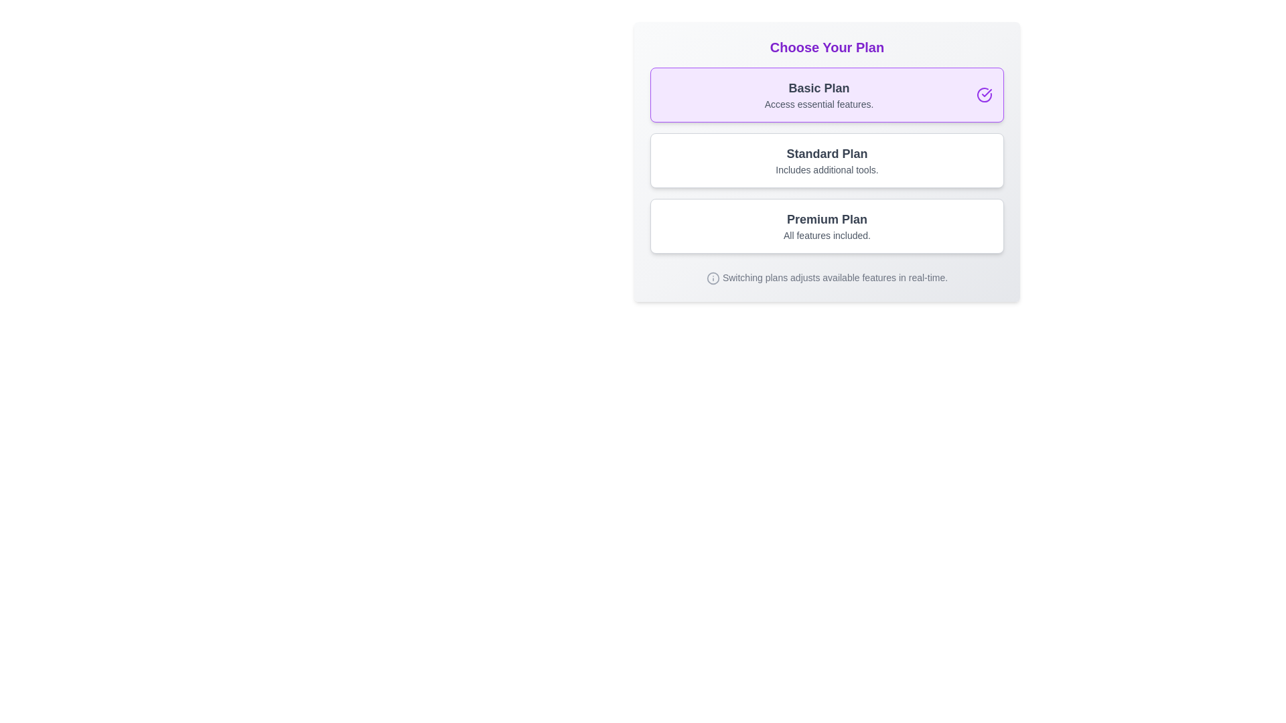  I want to click on the text header titled 'Choose Your Plan', which is styled in bold with a large purple font and is center-aligned at the top of the pricing options section, so click(826, 46).